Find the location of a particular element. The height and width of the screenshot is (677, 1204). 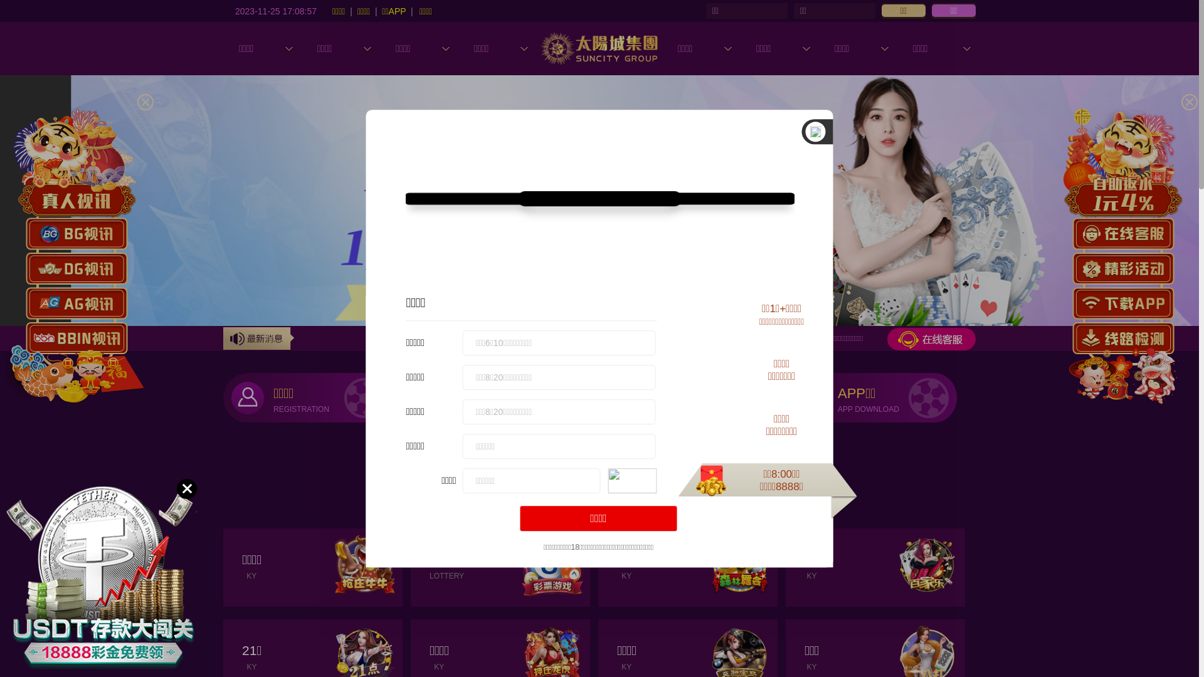

'2023-11-25 17:08:55' is located at coordinates (275, 10).